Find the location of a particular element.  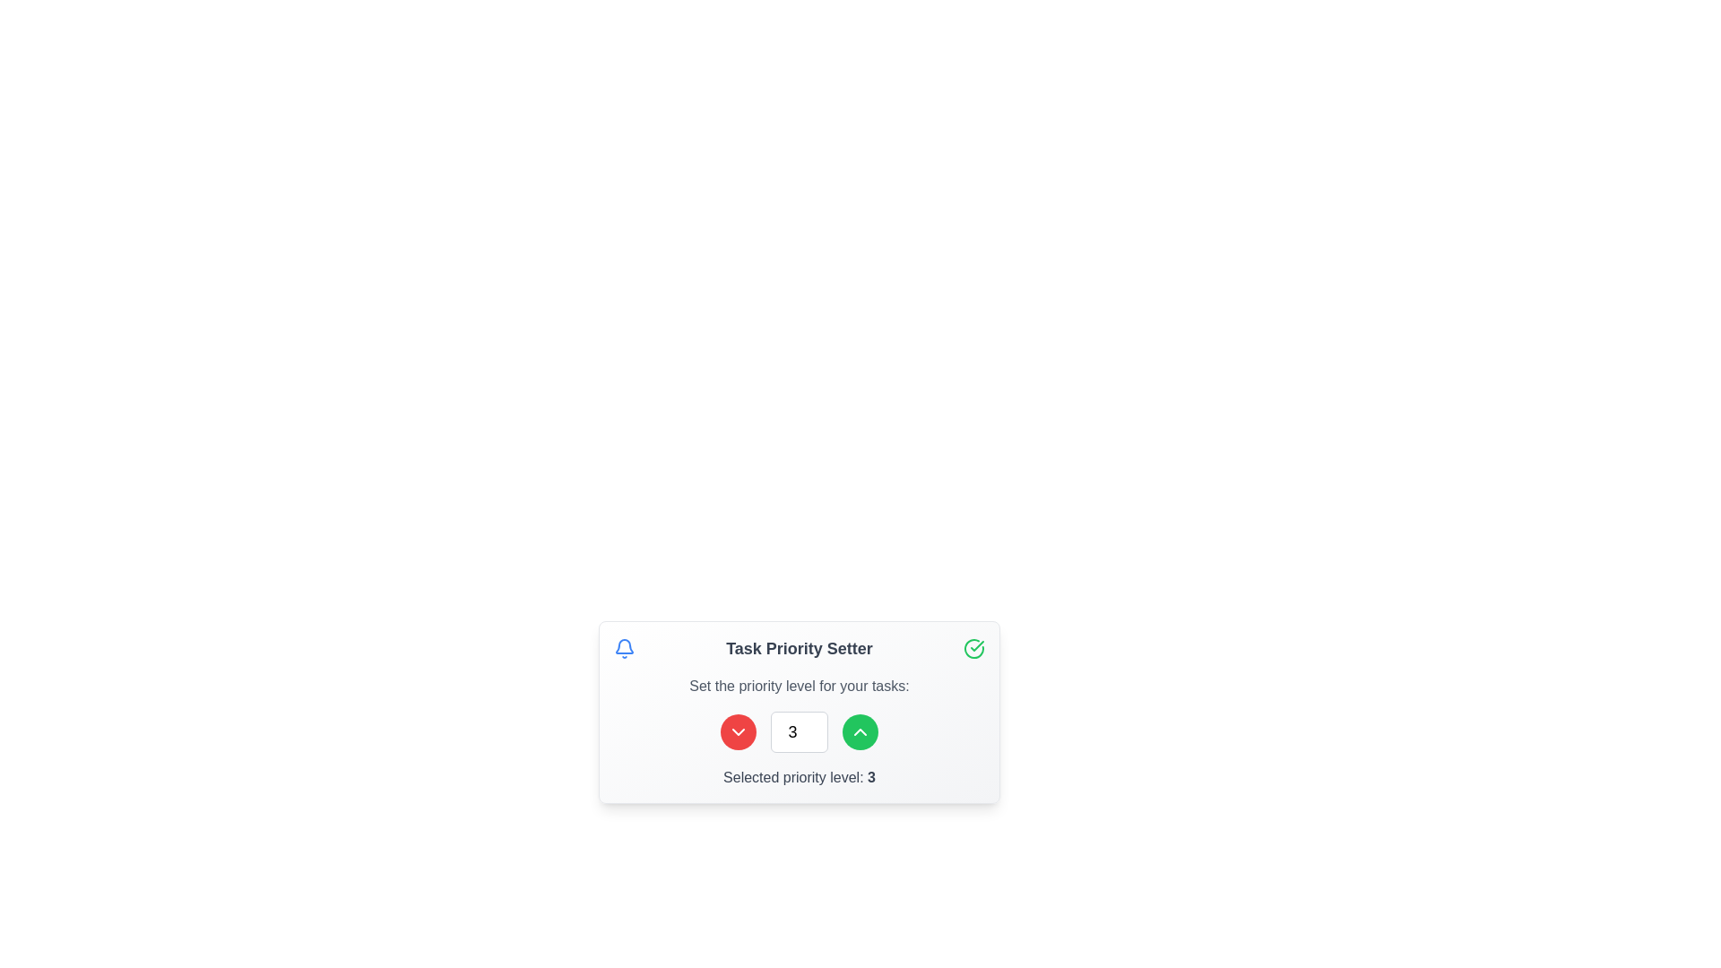

the green circular icon with a checkmark inside that is positioned at the far-right side of the 'Task Priority Setter' card is located at coordinates (973, 649).